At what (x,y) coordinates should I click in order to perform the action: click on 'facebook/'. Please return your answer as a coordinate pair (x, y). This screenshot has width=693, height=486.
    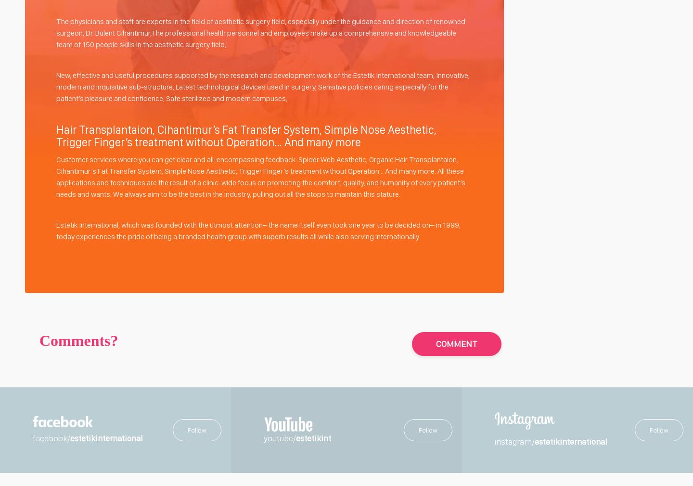
    Looking at the image, I should click on (51, 438).